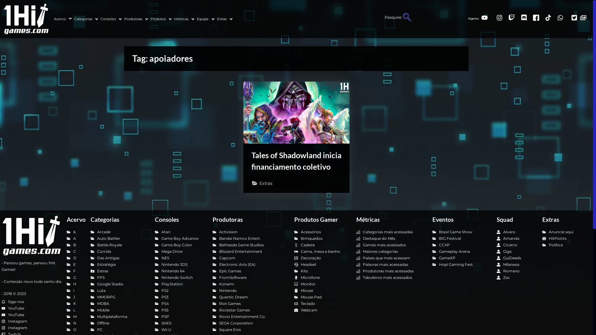 Image resolution: width=596 pixels, height=335 pixels. Describe the element at coordinates (31, 315) in the screenshot. I see `'YouTube'` at that location.